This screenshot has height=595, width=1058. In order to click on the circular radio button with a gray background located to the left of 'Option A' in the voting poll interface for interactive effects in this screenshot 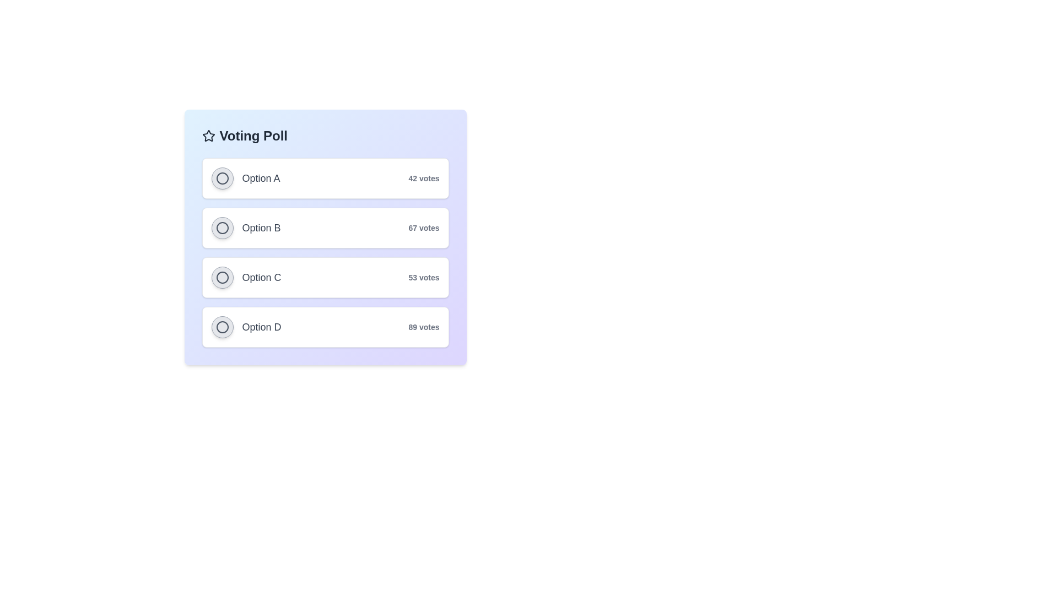, I will do `click(222, 178)`.